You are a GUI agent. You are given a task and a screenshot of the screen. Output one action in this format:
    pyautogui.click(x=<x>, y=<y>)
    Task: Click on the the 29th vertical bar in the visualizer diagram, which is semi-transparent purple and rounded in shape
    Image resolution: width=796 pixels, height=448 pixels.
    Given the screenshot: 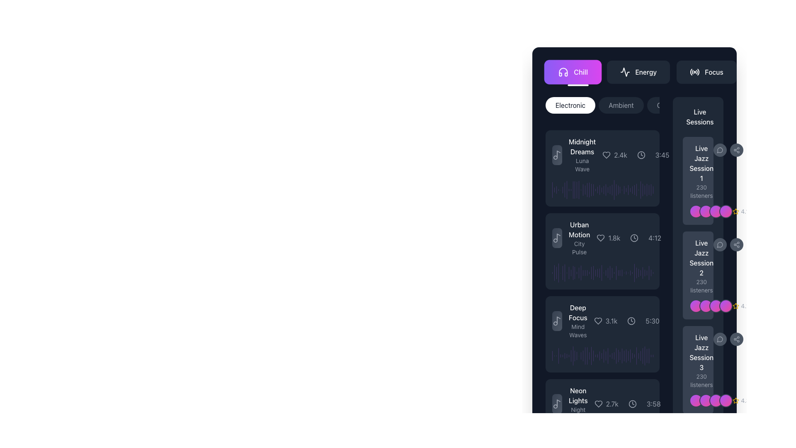 What is the action you would take?
    pyautogui.click(x=612, y=273)
    